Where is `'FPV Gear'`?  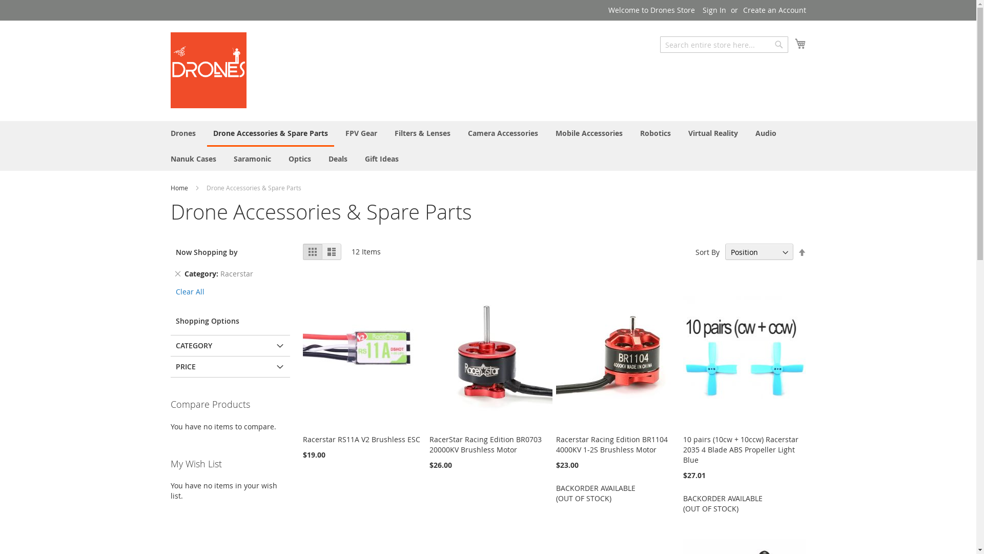 'FPV Gear' is located at coordinates (361, 132).